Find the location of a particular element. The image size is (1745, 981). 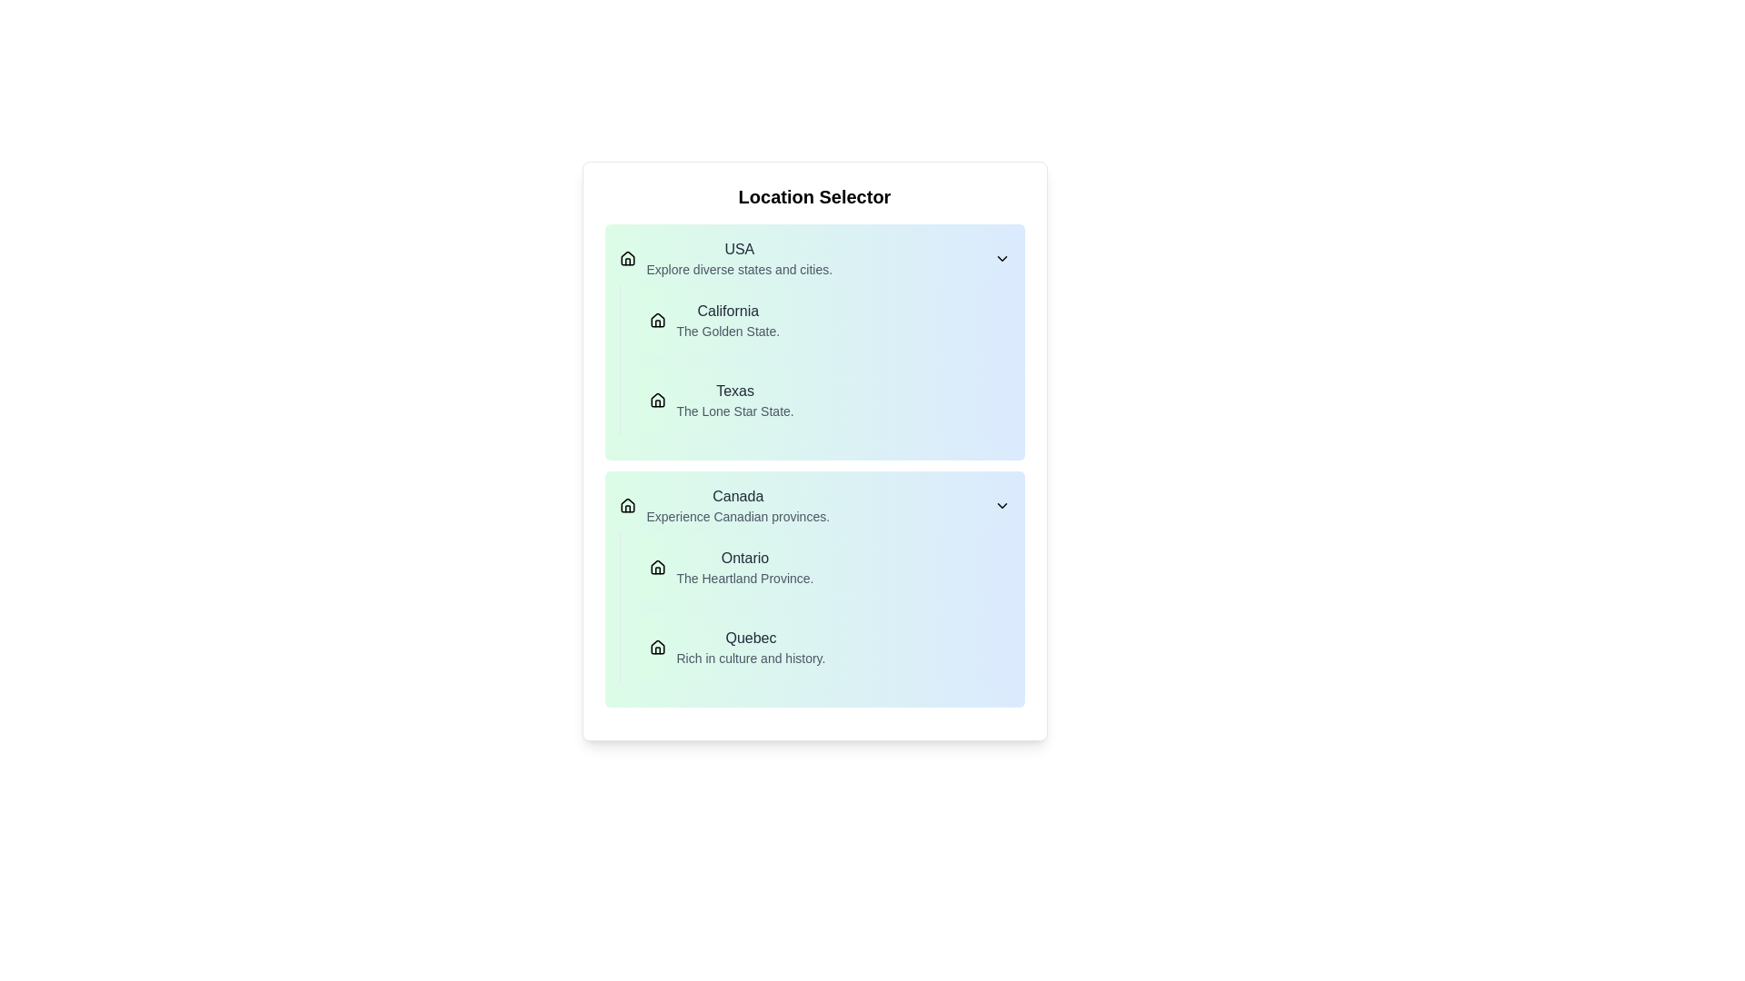

the heading text that identifies the section as related is located at coordinates (728, 311).